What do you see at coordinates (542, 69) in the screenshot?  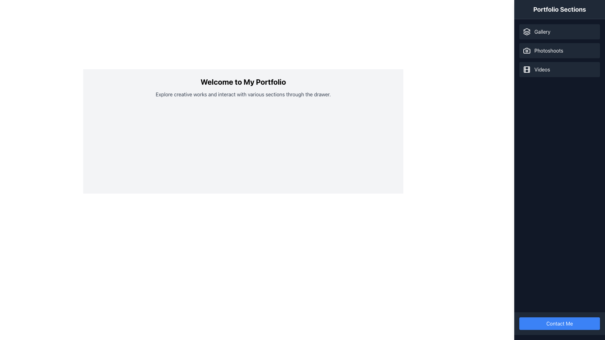 I see `the 'Videos' text label in the sidebar navigation menu, which is styled in light-colored text on a dark background and is the third item below 'Photoshoots'` at bounding box center [542, 69].